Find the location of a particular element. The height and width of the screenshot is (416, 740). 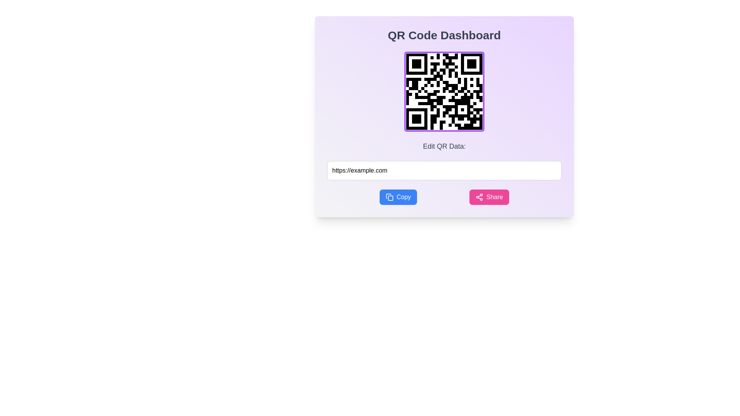

the QR code image located centrally below the 'QR Code Dashboard' heading and above the 'Edit QR Data:' text input field is located at coordinates (444, 91).